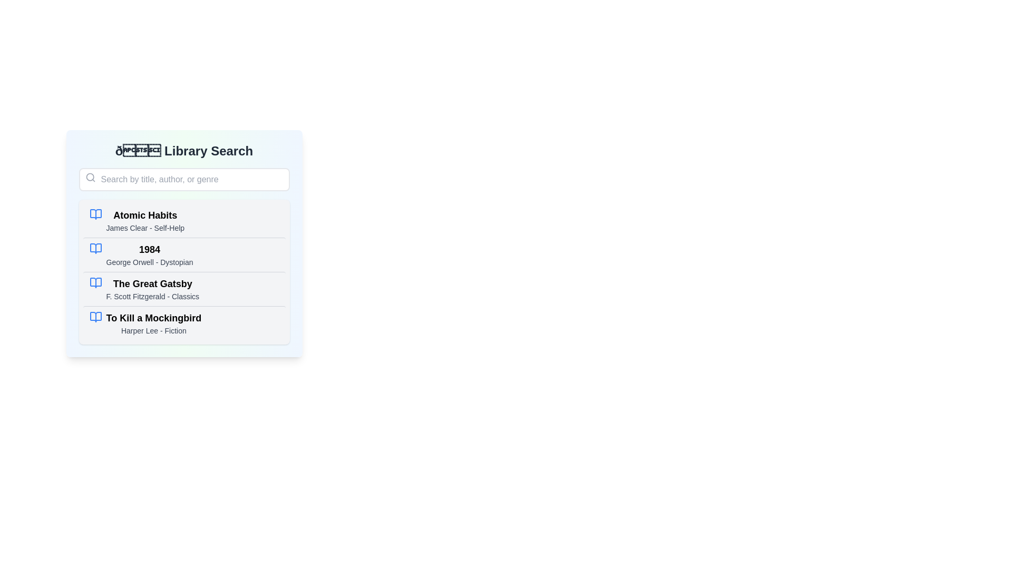 The height and width of the screenshot is (569, 1012). I want to click on the list entry for 'The Great Gatsby', which includes a blue book icon, so click(184, 289).